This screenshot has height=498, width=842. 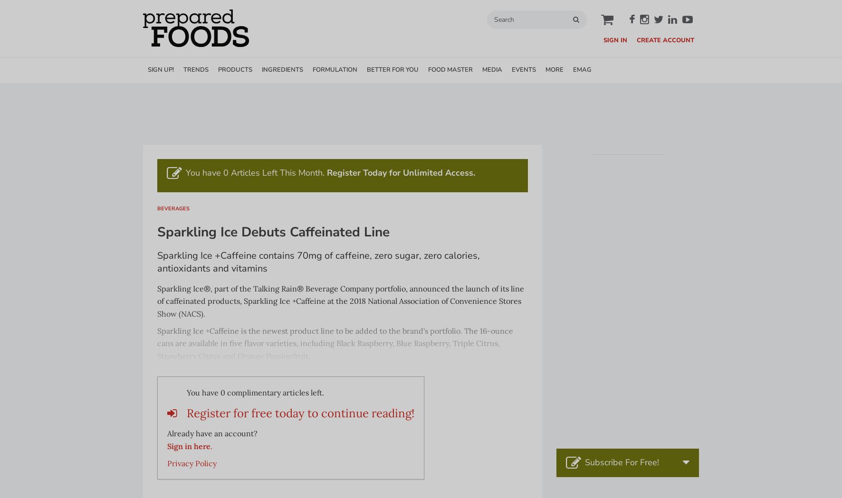 What do you see at coordinates (492, 69) in the screenshot?
I see `'MEDIA'` at bounding box center [492, 69].